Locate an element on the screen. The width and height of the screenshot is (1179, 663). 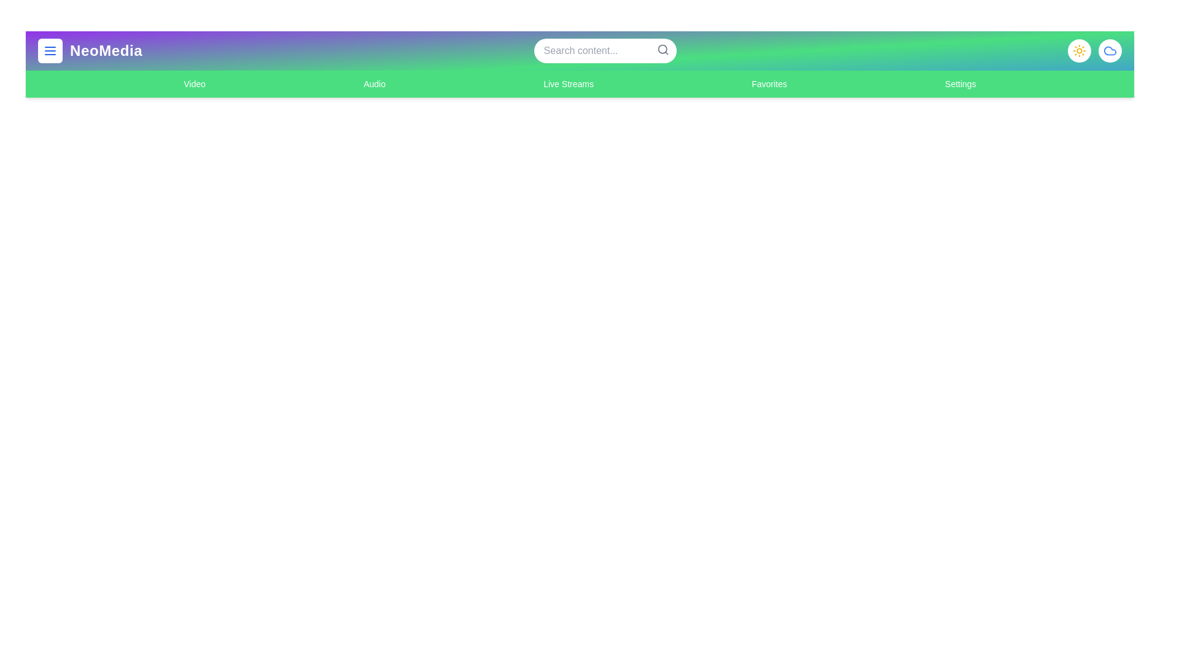
the cloud icon to toggle the weather-related feature is located at coordinates (1110, 50).